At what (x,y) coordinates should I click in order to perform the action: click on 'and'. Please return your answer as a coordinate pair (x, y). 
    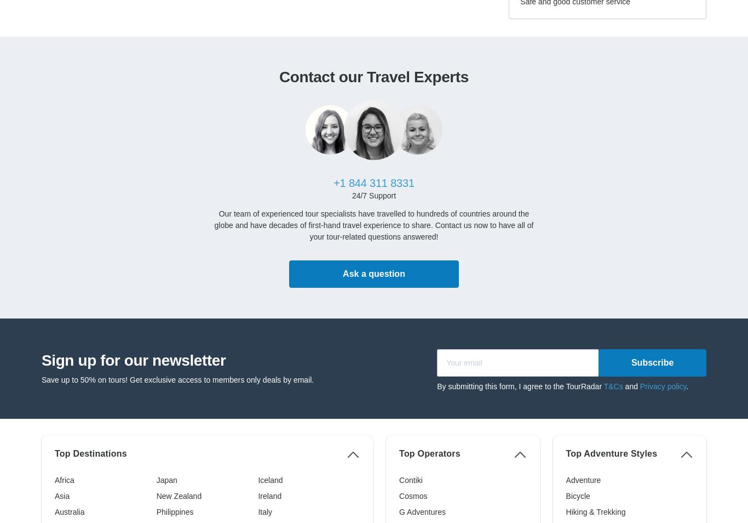
    Looking at the image, I should click on (631, 385).